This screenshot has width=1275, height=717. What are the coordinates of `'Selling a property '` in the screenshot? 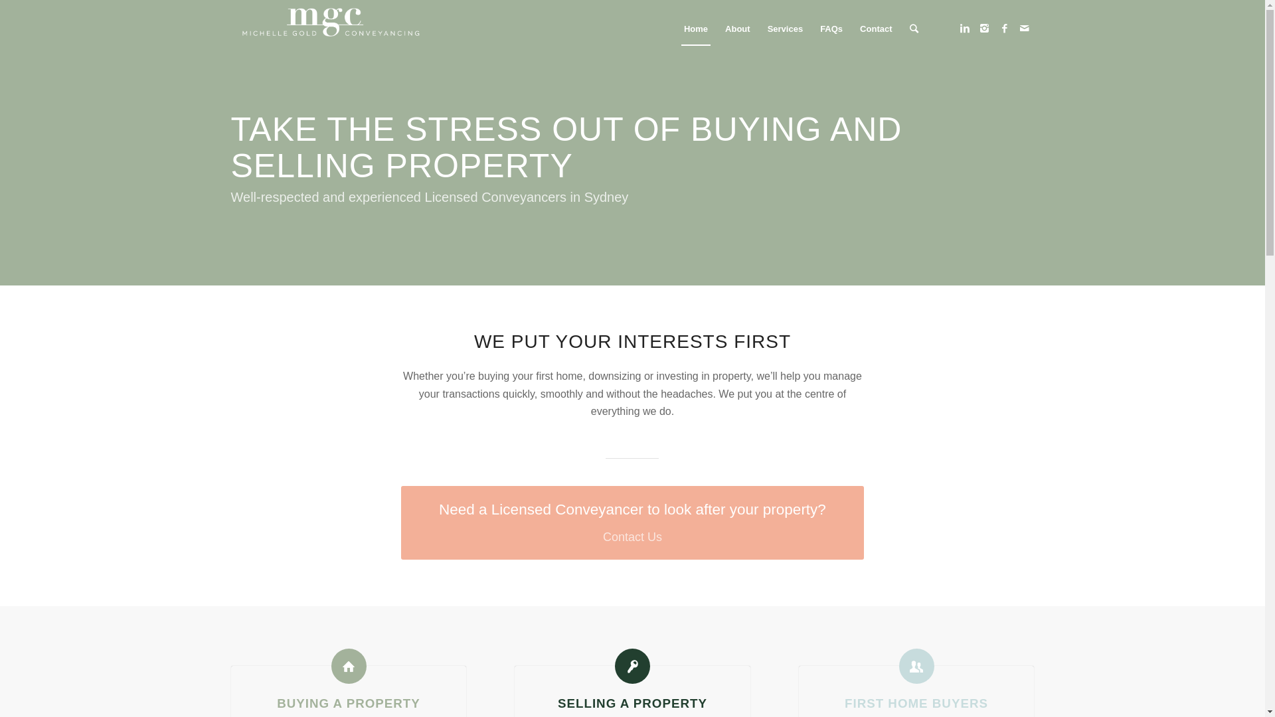 It's located at (614, 666).